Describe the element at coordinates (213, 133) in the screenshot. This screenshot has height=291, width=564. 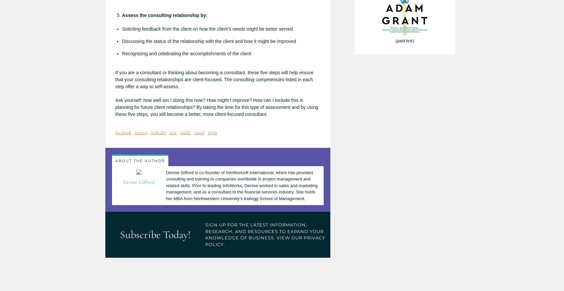
I see `'print'` at that location.